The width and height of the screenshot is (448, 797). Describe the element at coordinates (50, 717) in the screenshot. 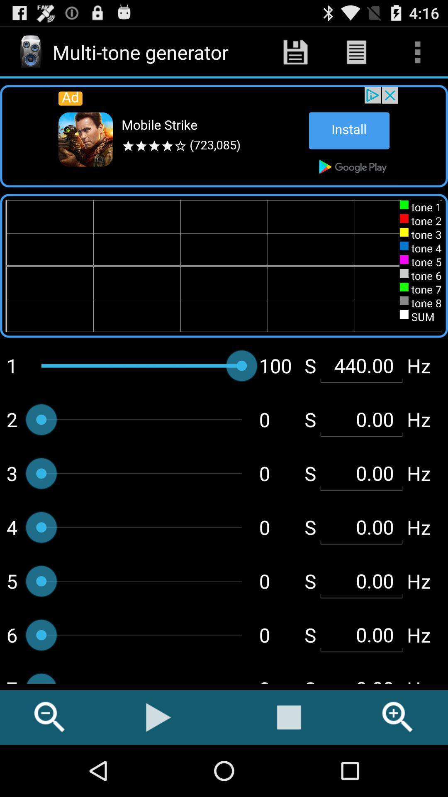

I see `the icon left to play button at the bottom of the page` at that location.